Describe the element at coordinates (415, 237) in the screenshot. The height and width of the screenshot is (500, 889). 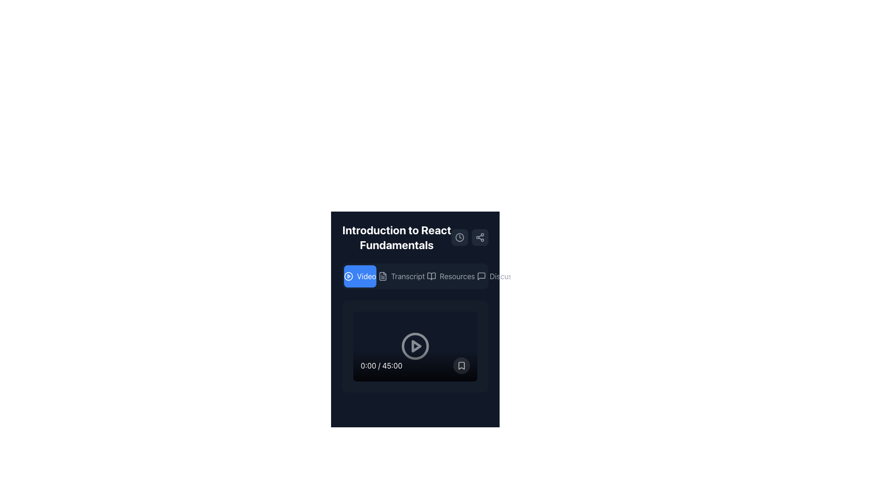
I see `the prominently displayed text label reading 'Introduction to React Fundamentals'` at that location.